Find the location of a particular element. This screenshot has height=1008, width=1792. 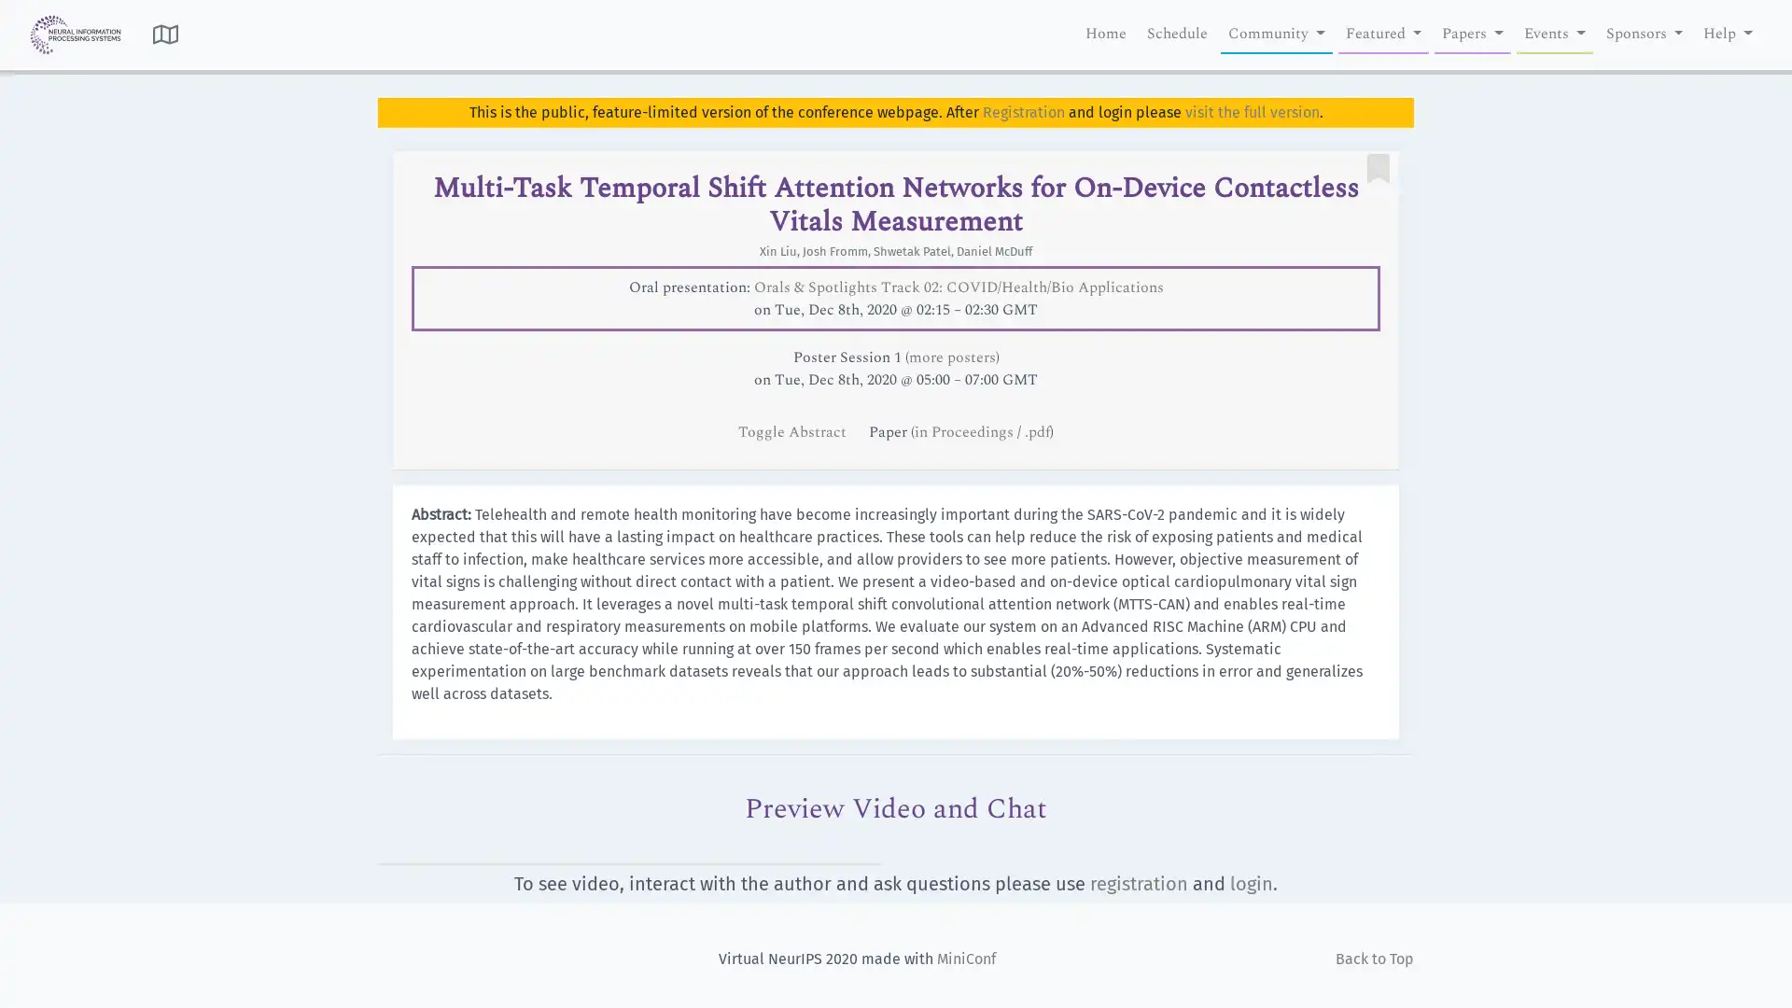

Toggle Abstract is located at coordinates (793, 431).